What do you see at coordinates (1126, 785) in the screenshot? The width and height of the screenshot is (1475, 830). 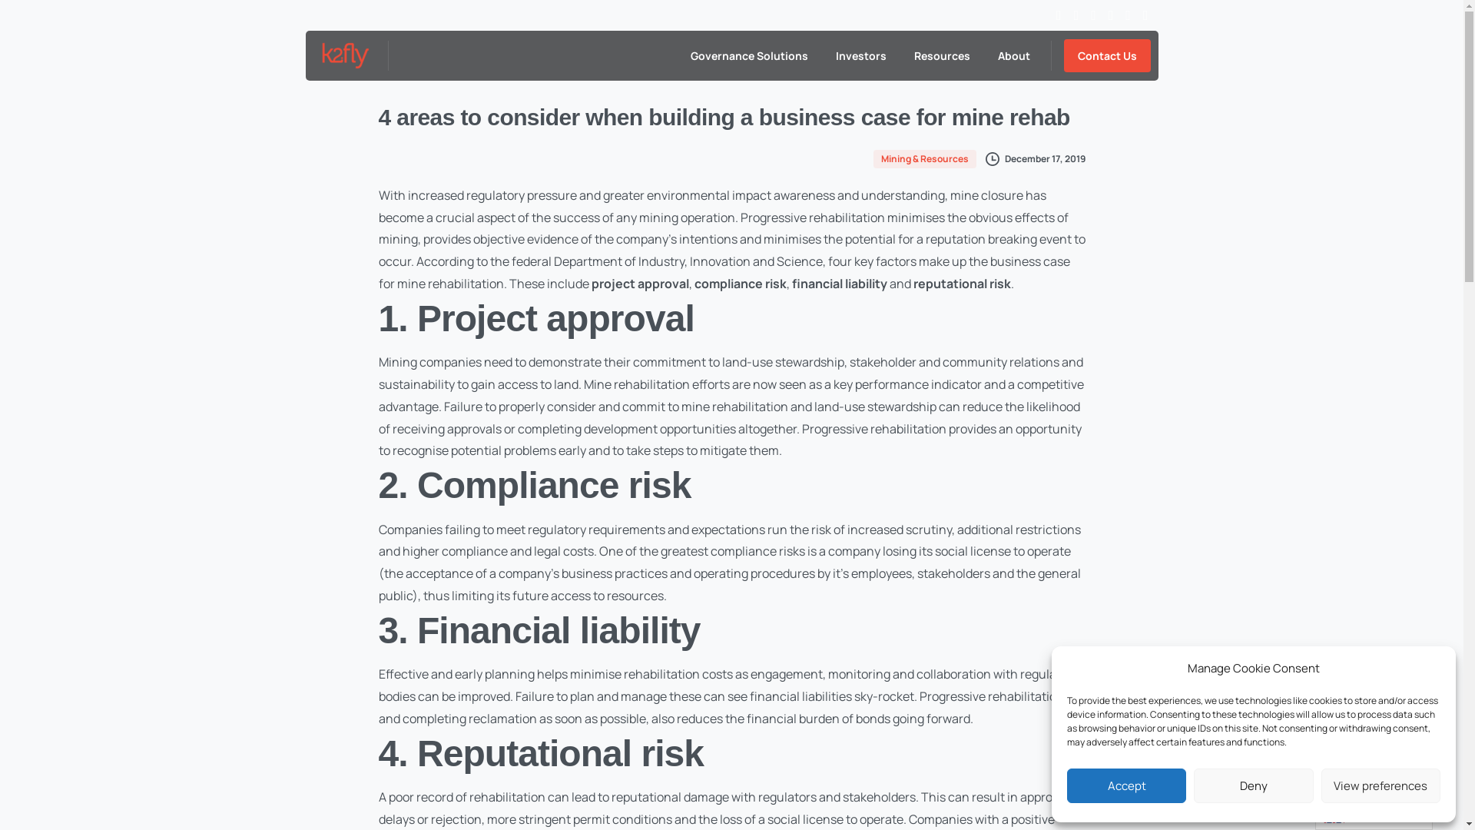 I see `'Accept'` at bounding box center [1126, 785].